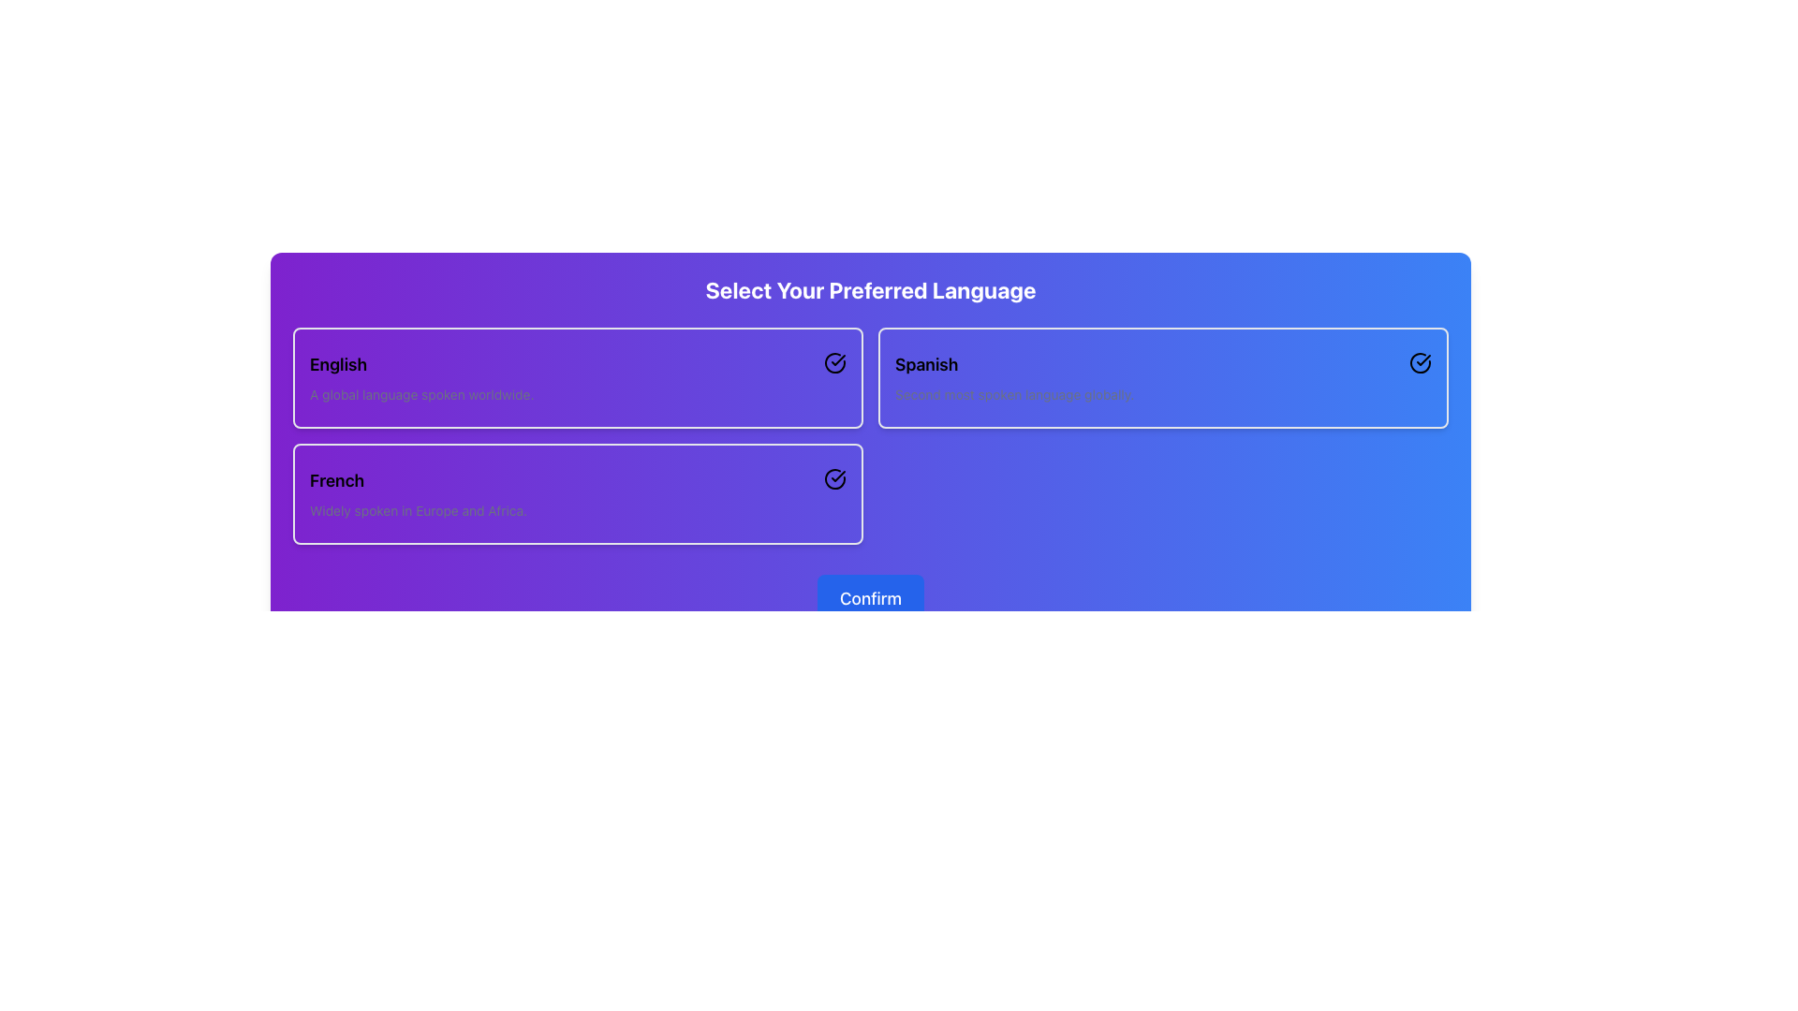  I want to click on the selectable language option card for 'Spanish', so click(1162, 378).